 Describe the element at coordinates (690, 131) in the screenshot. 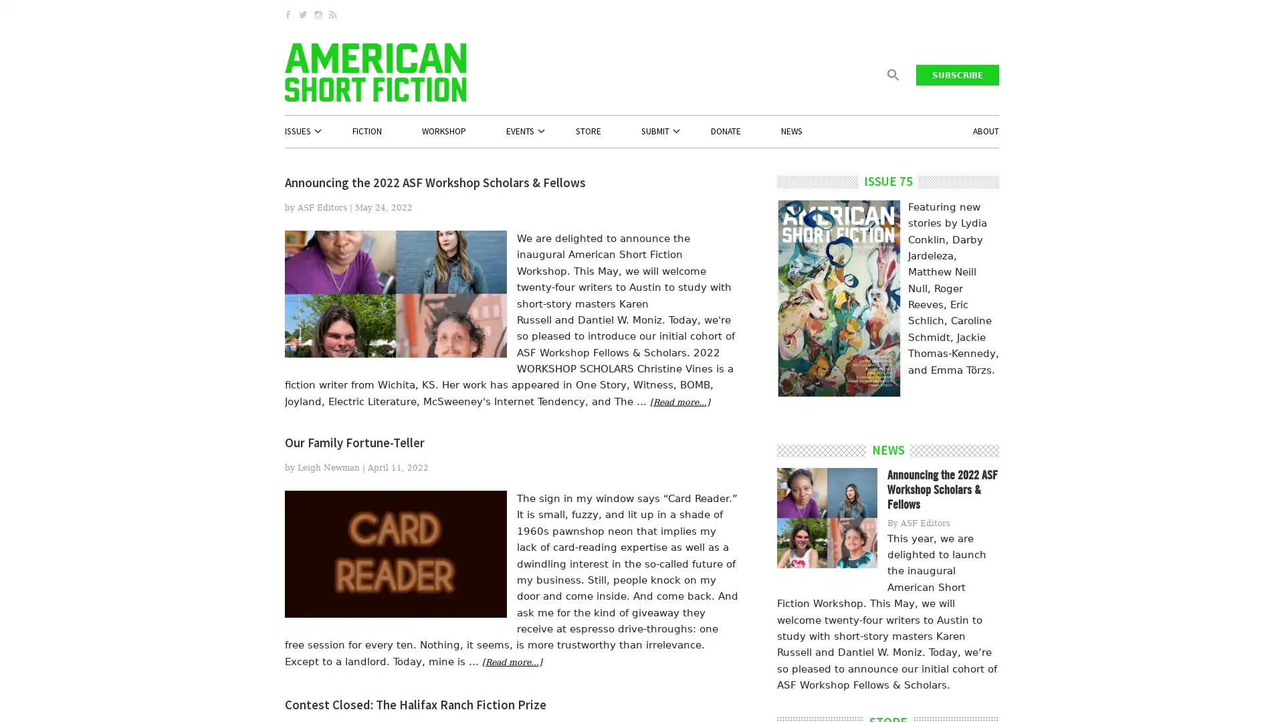

I see `SUBMENU` at that location.